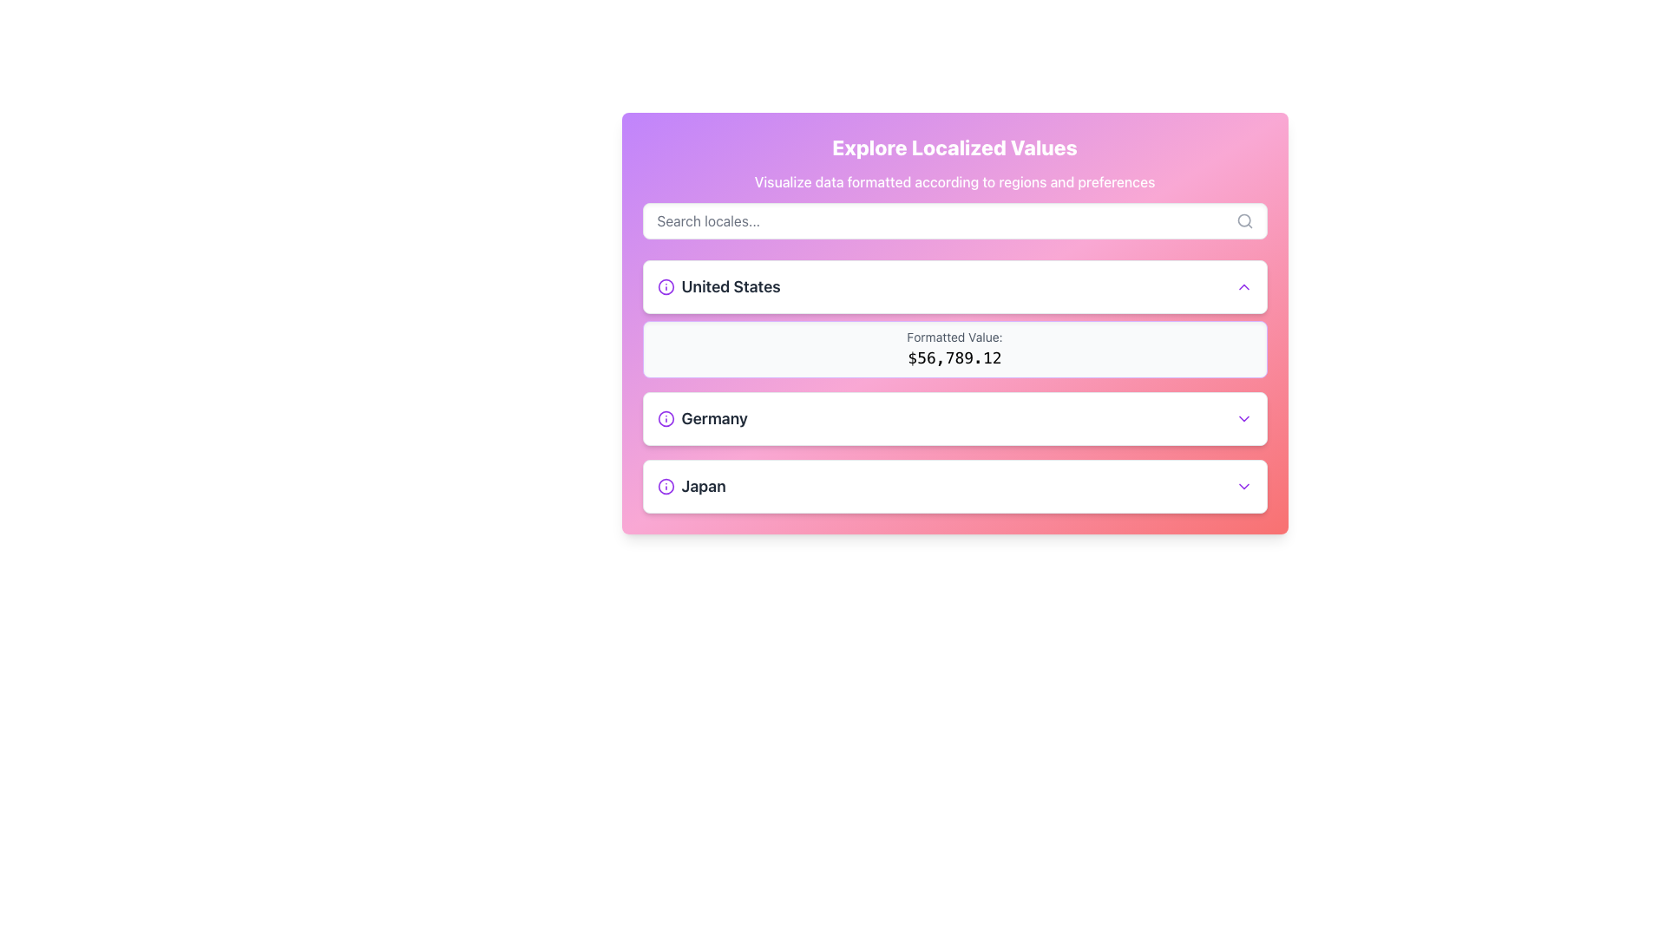 The height and width of the screenshot is (937, 1666). I want to click on the 'United States' text label with an info icon, so click(718, 286).